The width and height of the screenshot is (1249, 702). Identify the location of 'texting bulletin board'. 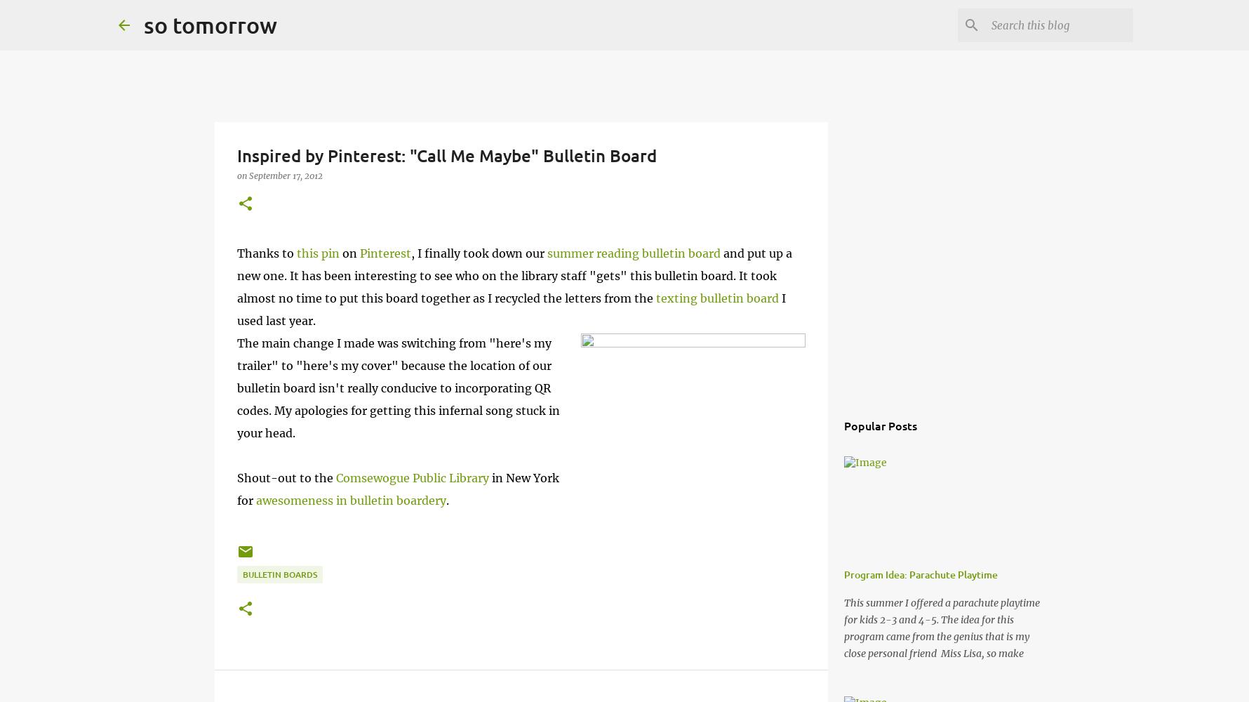
(655, 298).